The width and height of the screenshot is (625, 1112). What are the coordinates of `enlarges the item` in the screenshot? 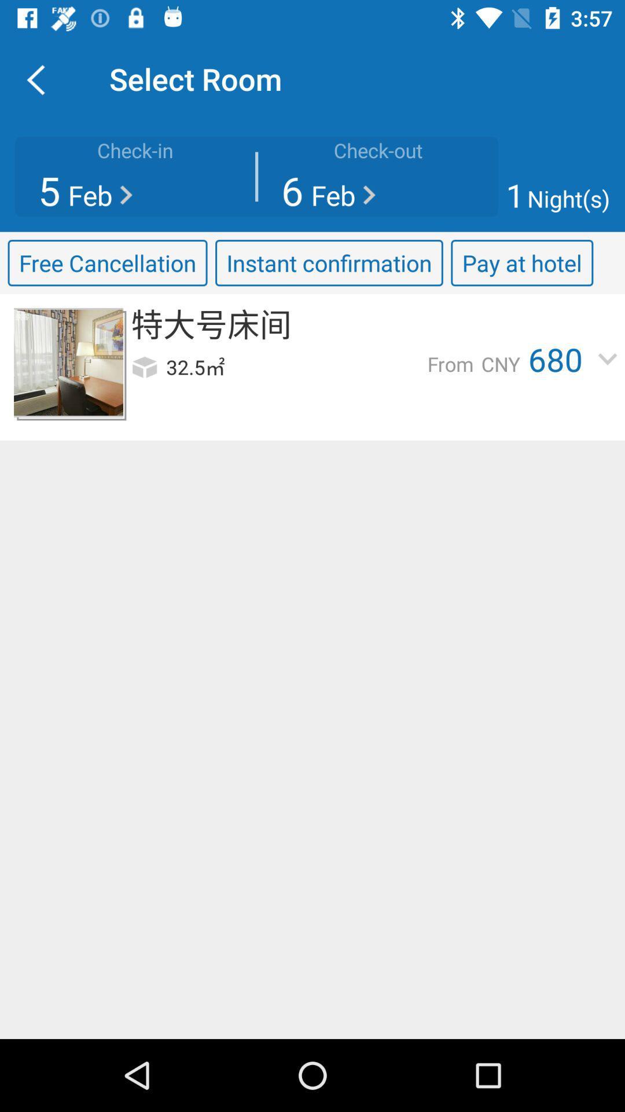 It's located at (68, 362).